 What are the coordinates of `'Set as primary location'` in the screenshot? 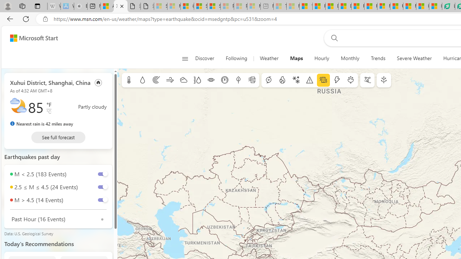 It's located at (98, 82).